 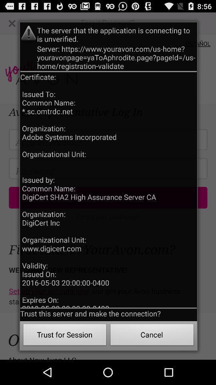 What do you see at coordinates (64, 336) in the screenshot?
I see `icon to the left of cancel` at bounding box center [64, 336].